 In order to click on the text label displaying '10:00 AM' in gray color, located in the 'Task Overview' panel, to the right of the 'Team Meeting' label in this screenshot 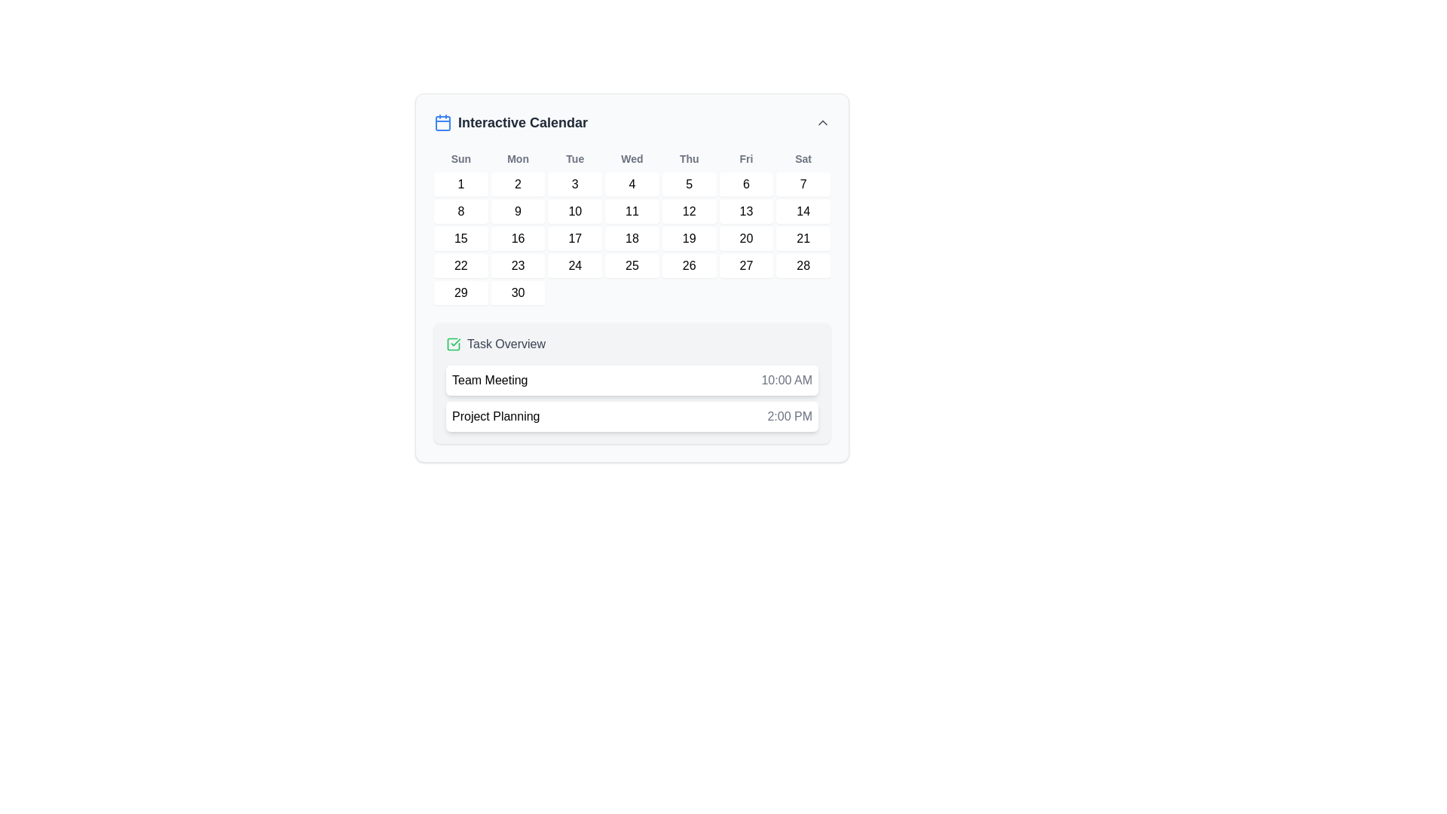, I will do `click(786, 380)`.